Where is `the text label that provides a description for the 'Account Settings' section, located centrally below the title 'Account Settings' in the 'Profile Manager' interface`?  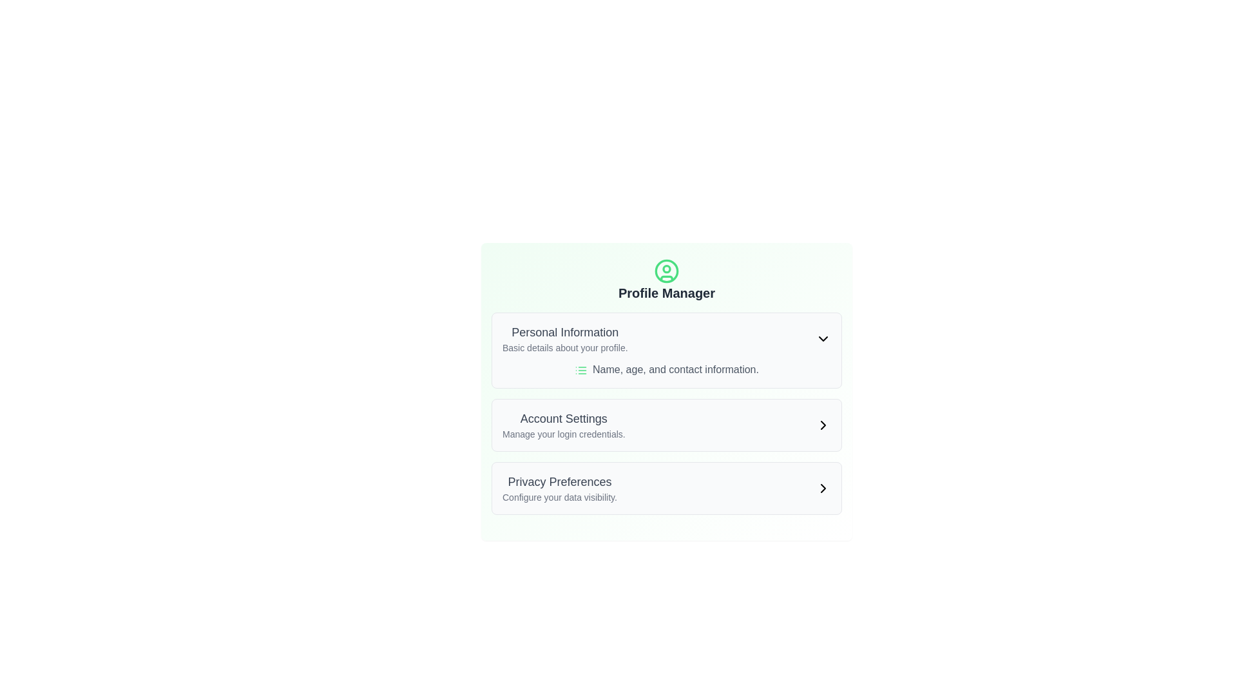 the text label that provides a description for the 'Account Settings' section, located centrally below the title 'Account Settings' in the 'Profile Manager' interface is located at coordinates (564, 434).